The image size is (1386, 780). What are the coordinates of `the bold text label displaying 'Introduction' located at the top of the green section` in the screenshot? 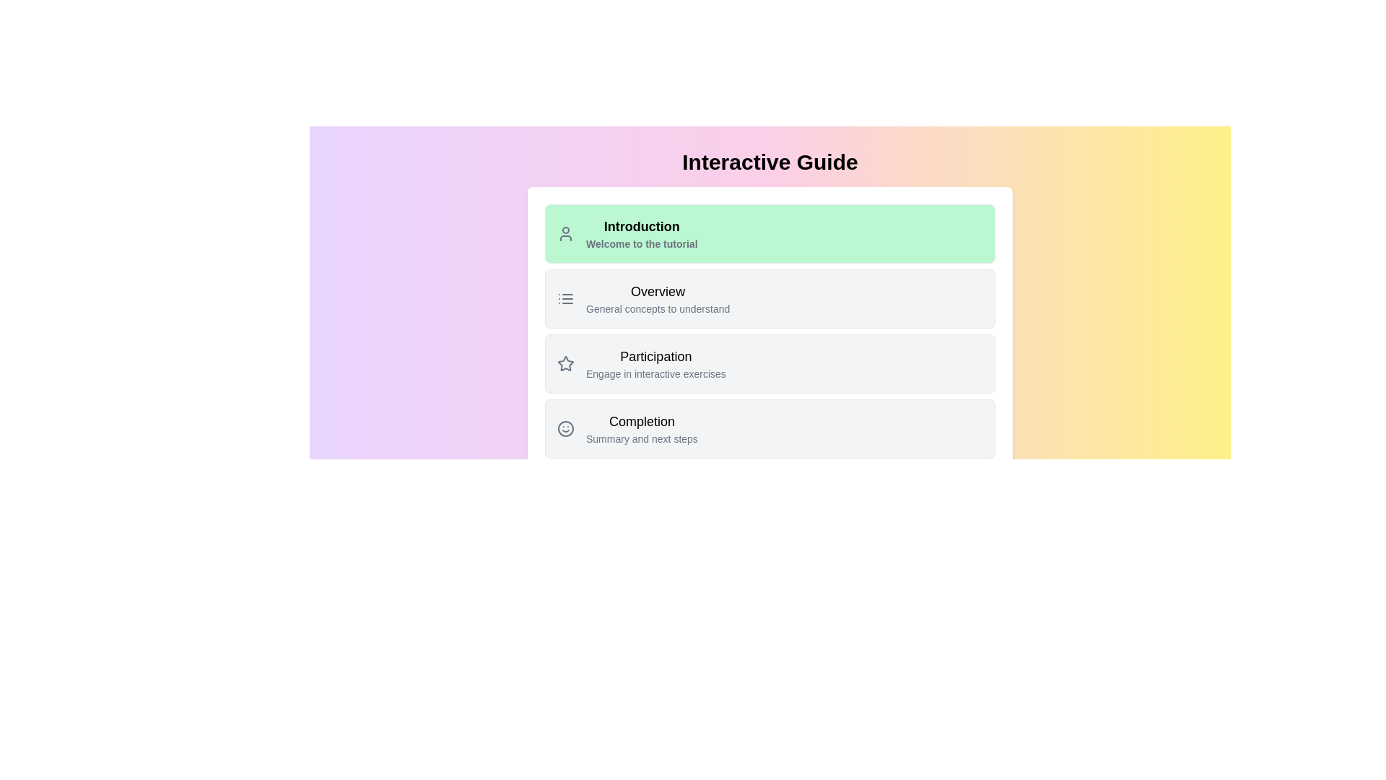 It's located at (641, 226).